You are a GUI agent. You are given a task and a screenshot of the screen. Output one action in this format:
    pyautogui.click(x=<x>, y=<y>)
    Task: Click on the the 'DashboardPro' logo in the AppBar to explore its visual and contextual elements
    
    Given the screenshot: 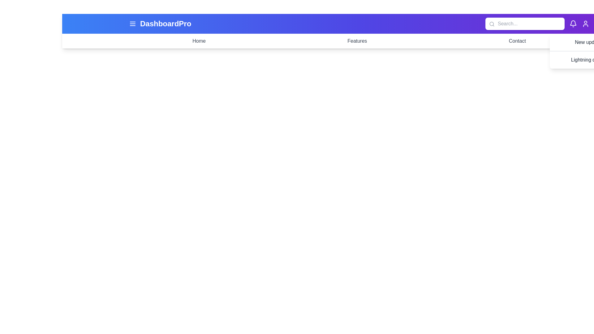 What is the action you would take?
    pyautogui.click(x=166, y=24)
    